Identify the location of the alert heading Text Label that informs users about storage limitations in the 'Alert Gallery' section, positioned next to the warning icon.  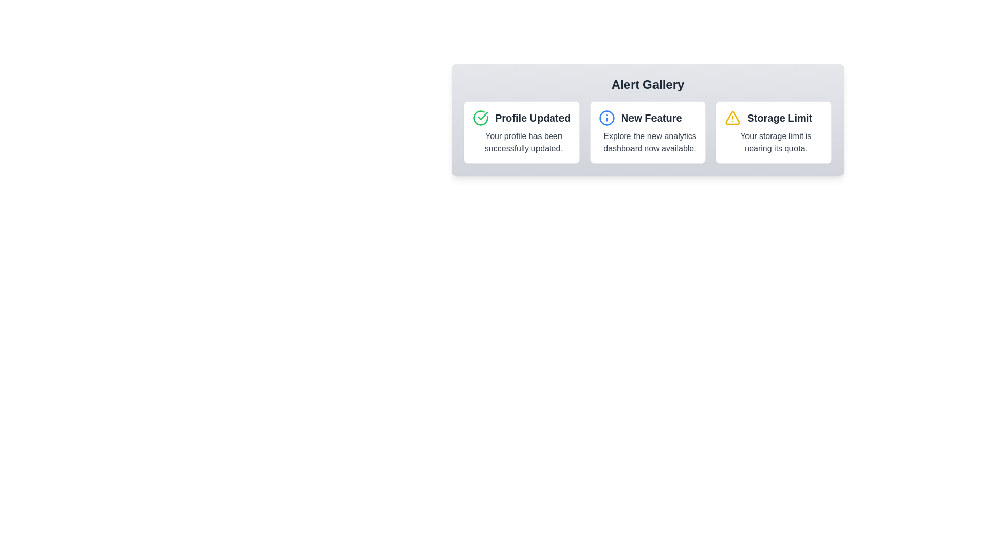
(779, 118).